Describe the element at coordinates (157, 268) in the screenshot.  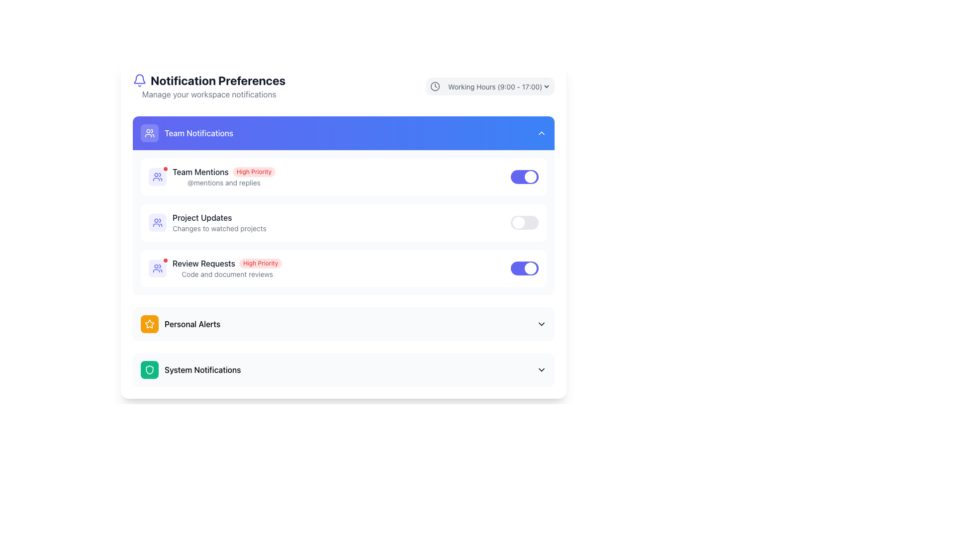
I see `the 'Review Requests' icon located in the 'Team Notifications' section, which is the first visual element to the left of the 'Review Requests' text` at that location.